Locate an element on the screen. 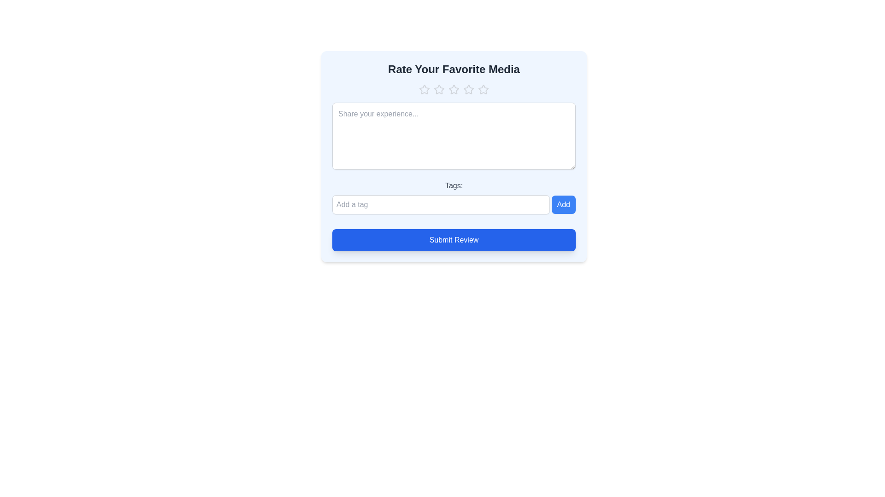  the fifth star icon is located at coordinates (483, 90).